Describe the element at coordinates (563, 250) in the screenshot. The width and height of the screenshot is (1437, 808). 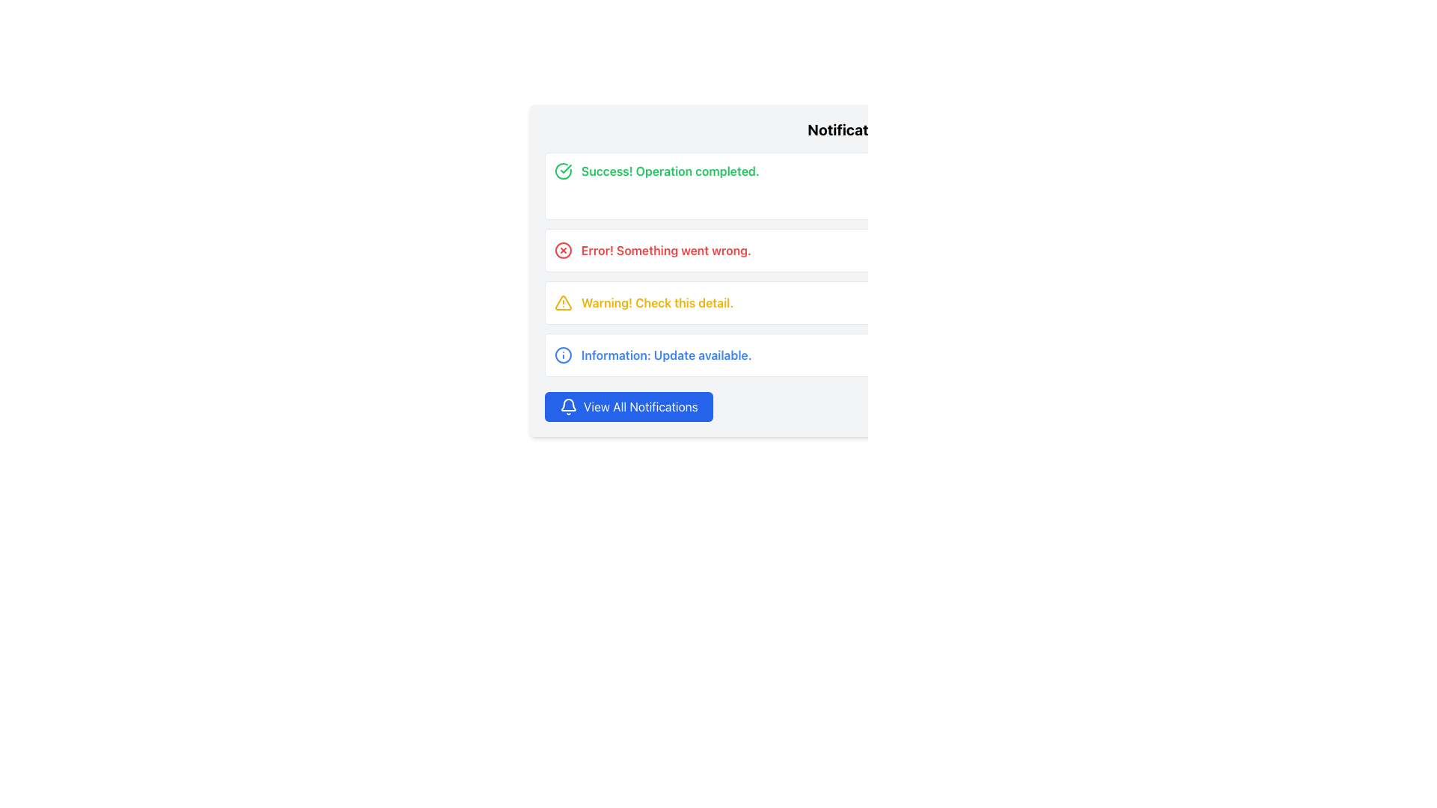
I see `the error icon located in the second notification row that indicates an error status for the message 'Error! Something went wrong.'` at that location.